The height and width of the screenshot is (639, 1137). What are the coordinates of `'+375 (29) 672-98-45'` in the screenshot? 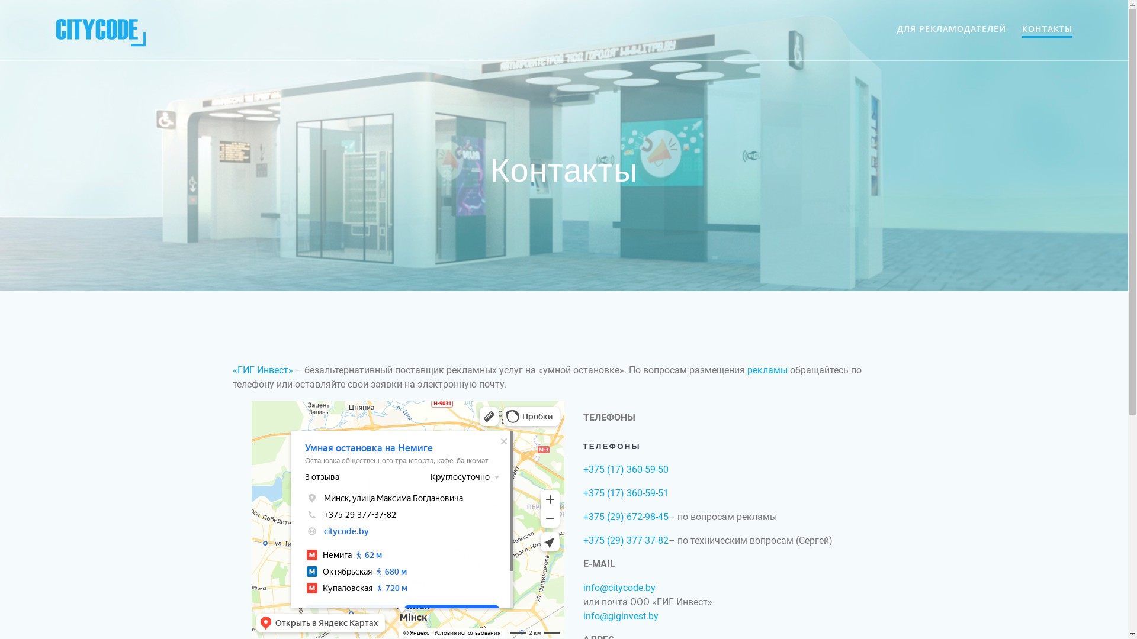 It's located at (625, 516).